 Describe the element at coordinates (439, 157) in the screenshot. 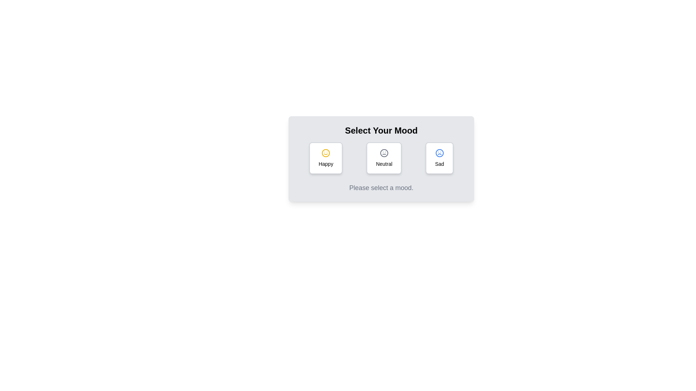

I see `the 'Sad' button featuring a blue sad face icon` at that location.